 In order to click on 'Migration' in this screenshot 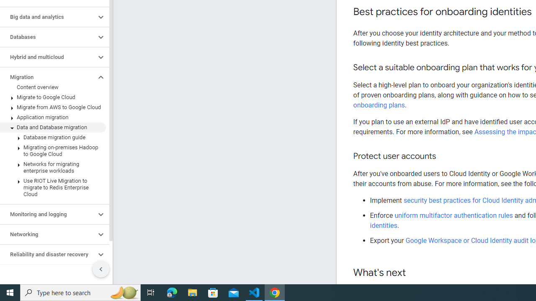, I will do `click(47, 77)`.